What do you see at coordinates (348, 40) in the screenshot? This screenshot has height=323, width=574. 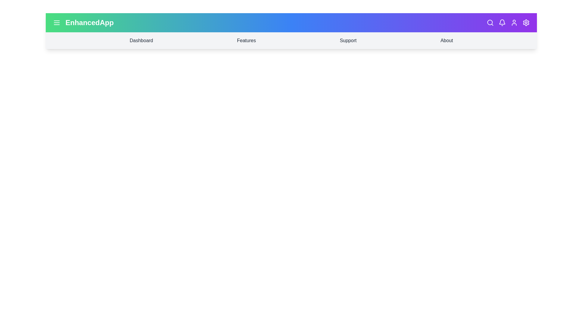 I see `the menu item labeled Support to navigate to the corresponding section` at bounding box center [348, 40].